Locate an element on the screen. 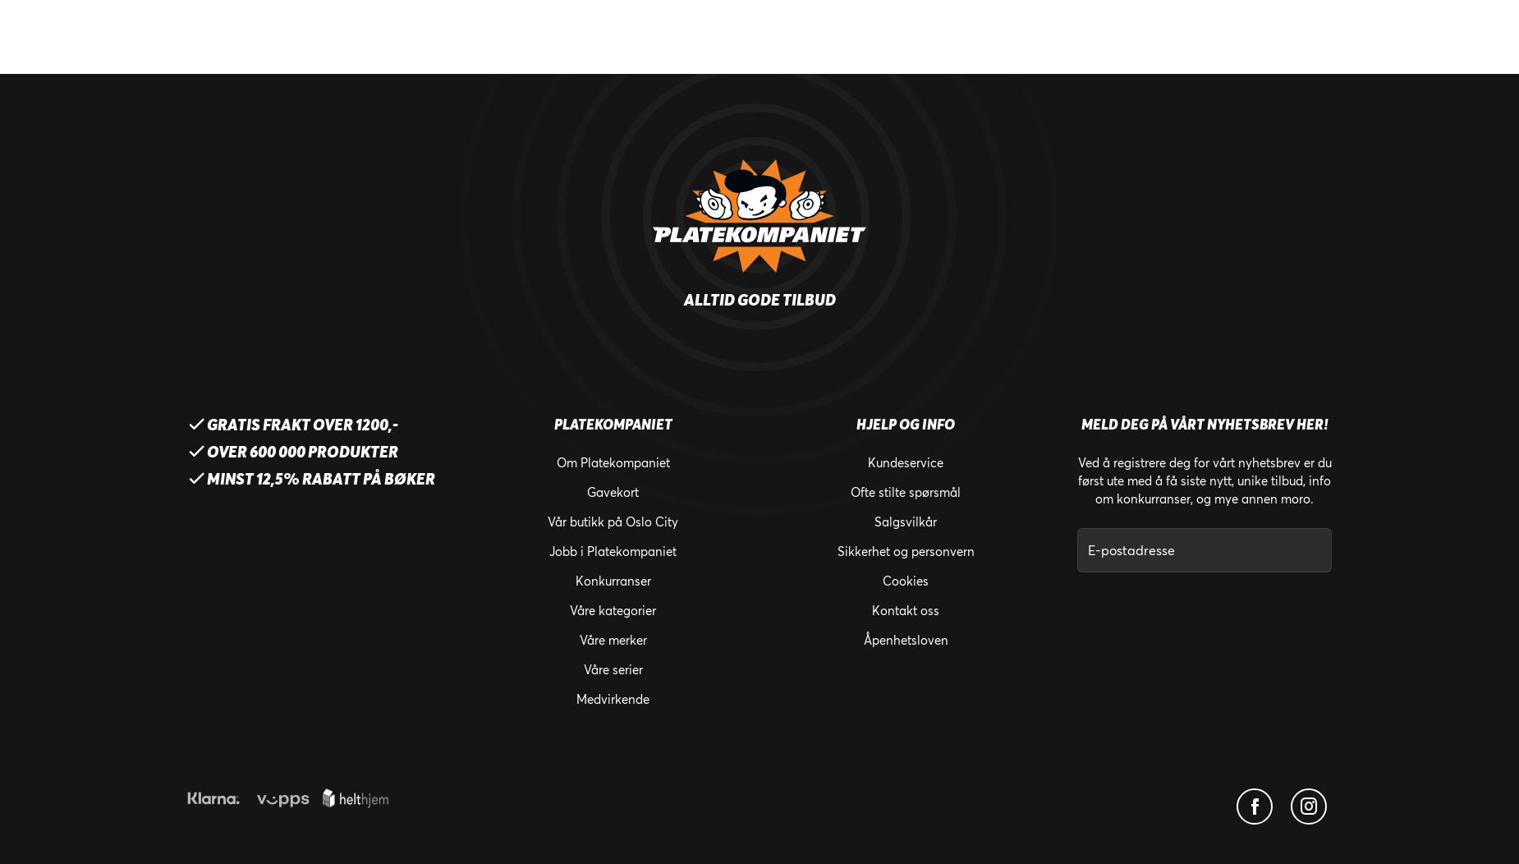  'Om Platekompaniet' is located at coordinates (612, 462).